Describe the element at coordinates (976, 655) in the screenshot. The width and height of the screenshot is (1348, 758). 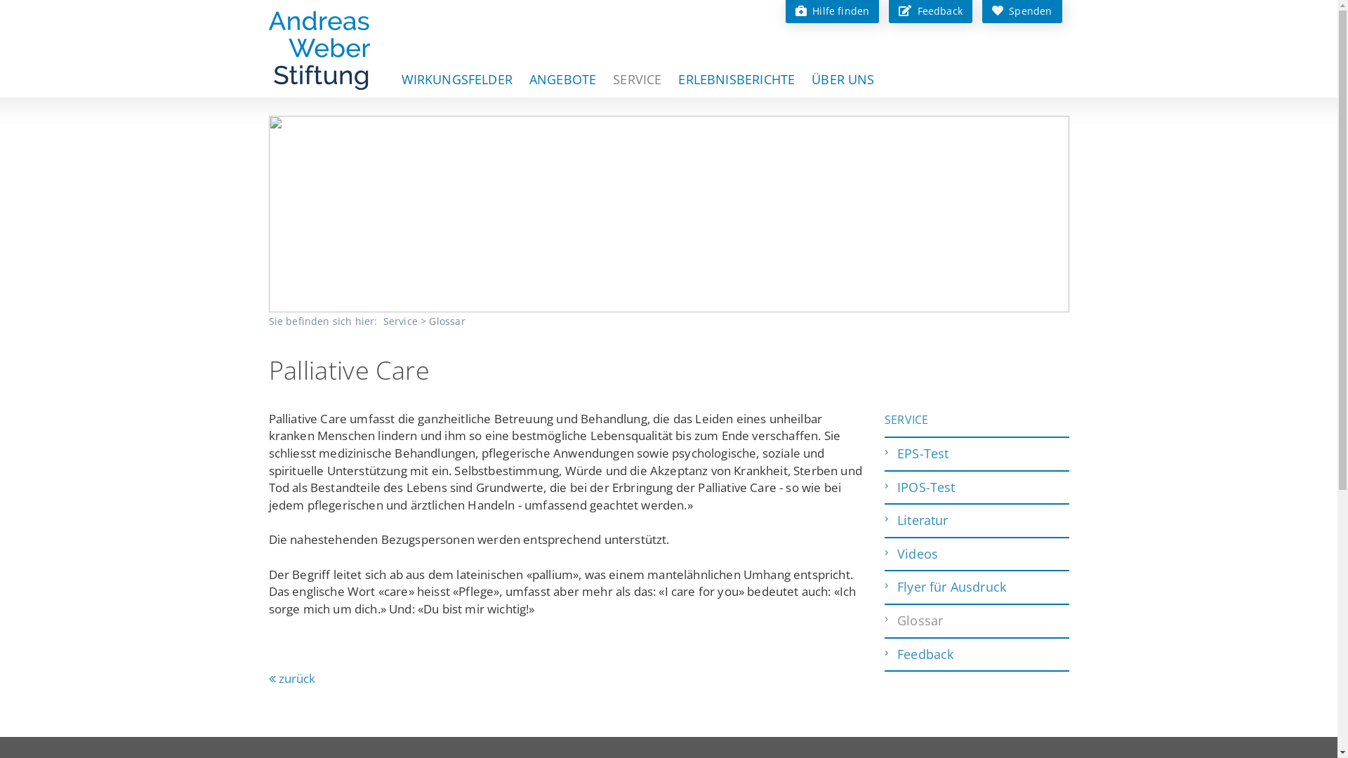
I see `'Feedback'` at that location.